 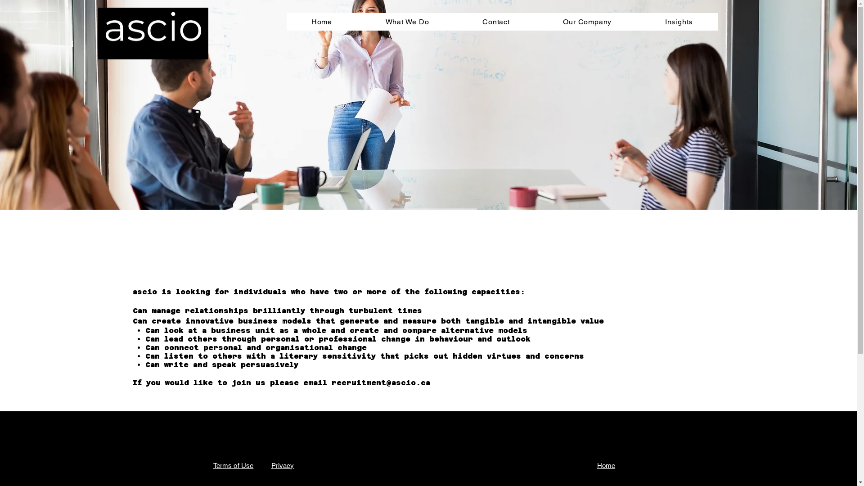 I want to click on 'Our Company', so click(x=587, y=21).